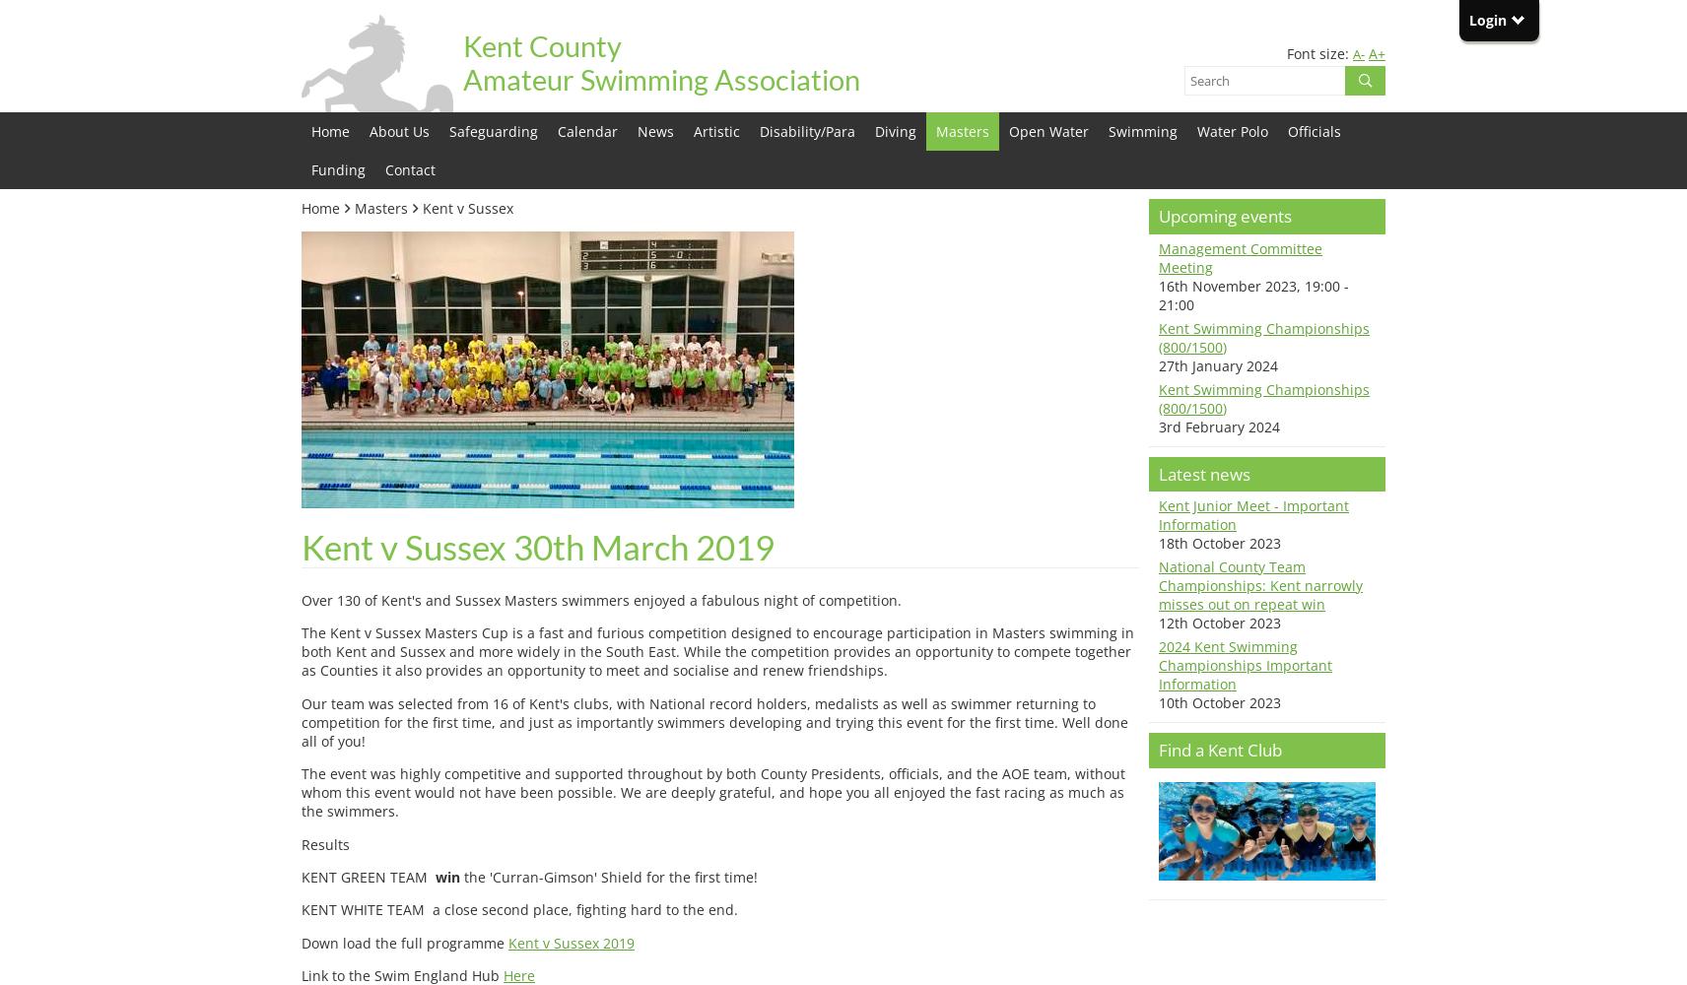  What do you see at coordinates (518, 909) in the screenshot?
I see `'KENT WHITE TEAM  a close second place, fighting hard to the end.'` at bounding box center [518, 909].